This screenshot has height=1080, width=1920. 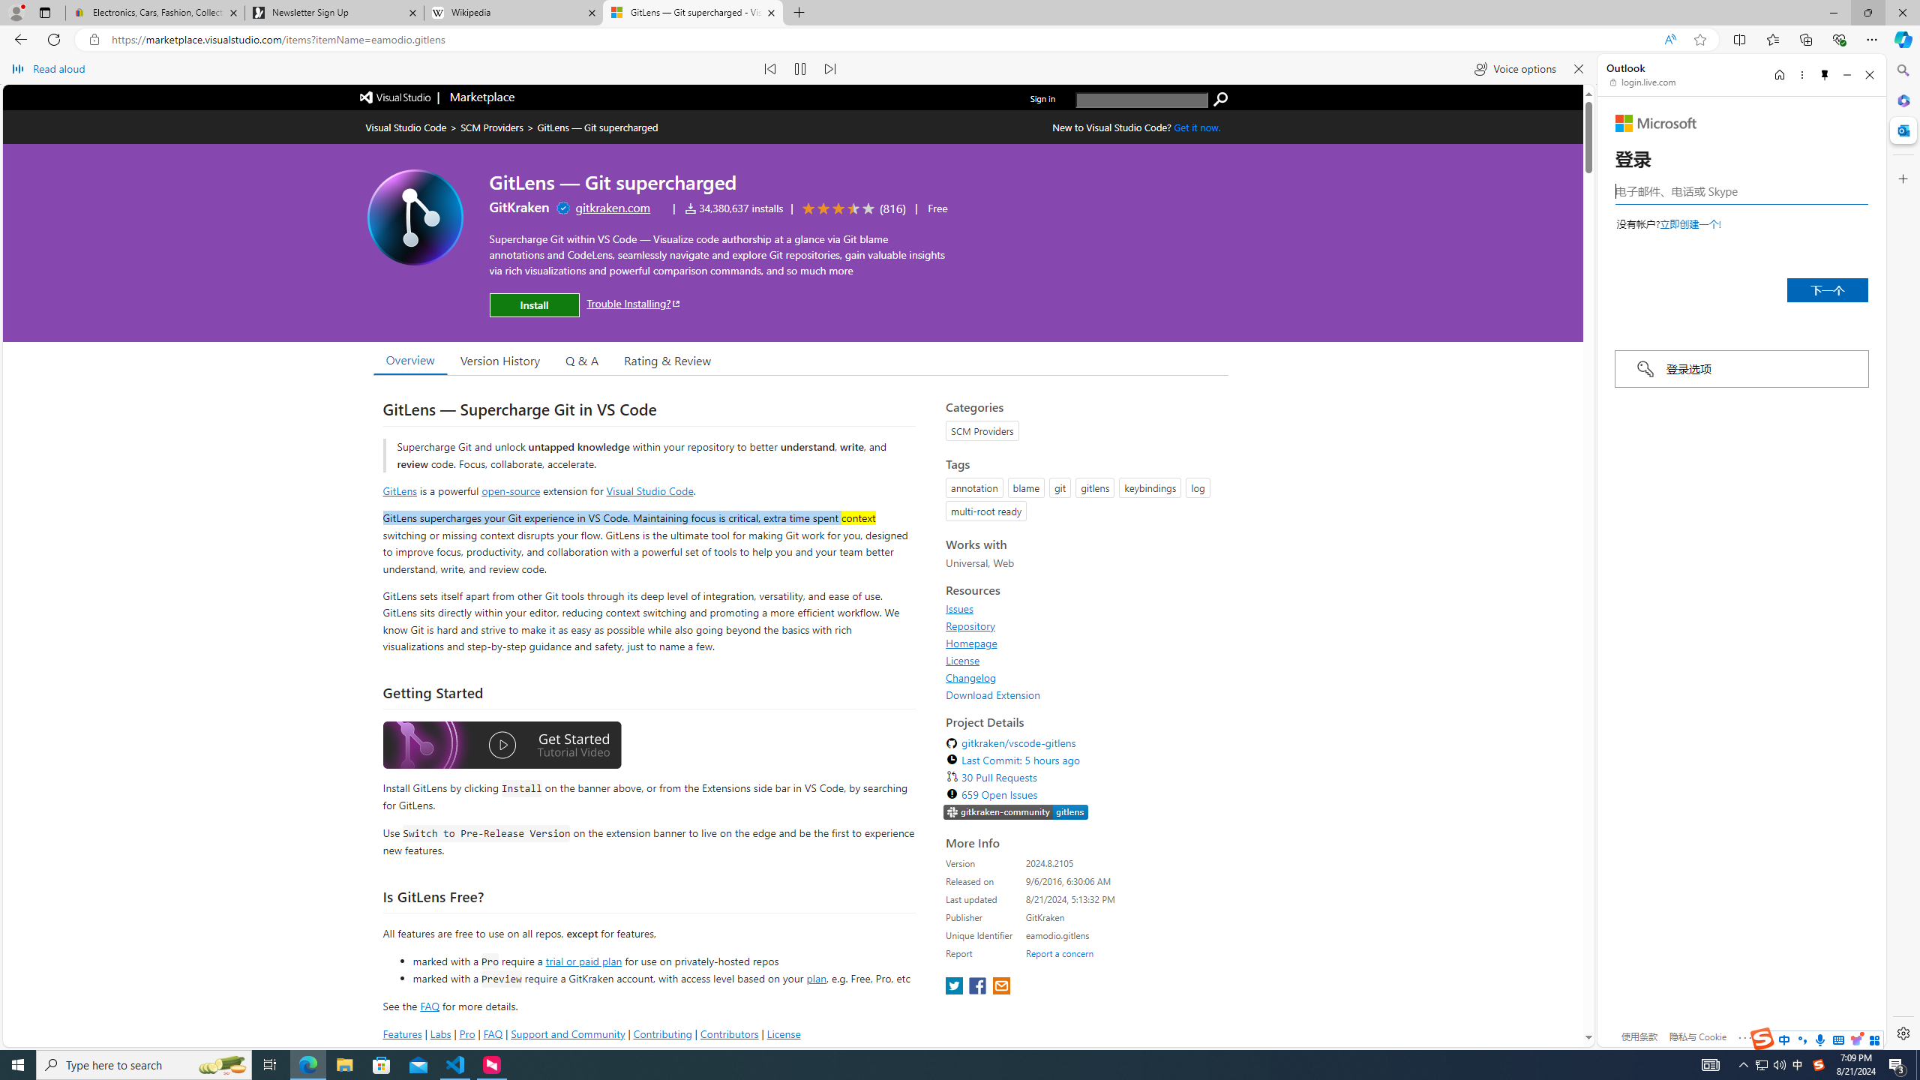 What do you see at coordinates (511, 489) in the screenshot?
I see `'open-source'` at bounding box center [511, 489].